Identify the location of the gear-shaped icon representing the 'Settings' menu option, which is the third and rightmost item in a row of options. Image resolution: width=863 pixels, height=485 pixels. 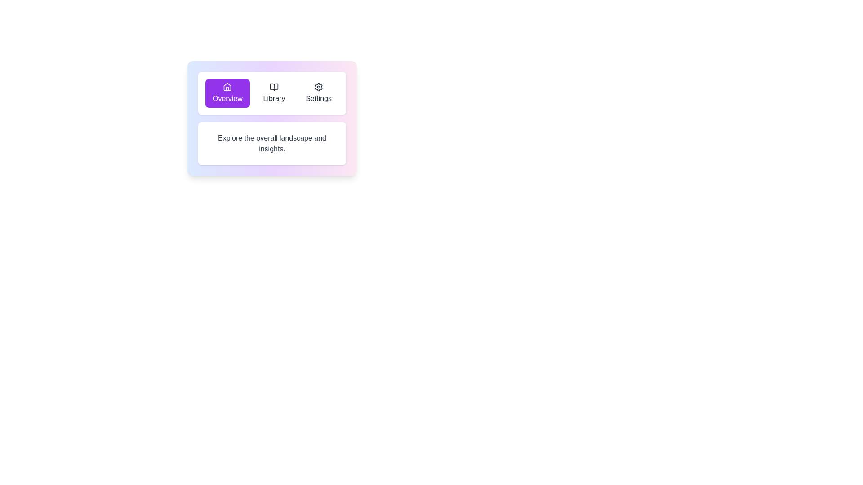
(319, 87).